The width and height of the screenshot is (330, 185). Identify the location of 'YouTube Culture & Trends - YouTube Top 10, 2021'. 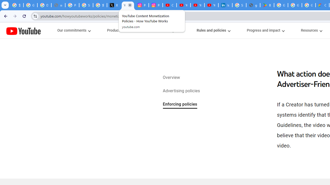
(197, 5).